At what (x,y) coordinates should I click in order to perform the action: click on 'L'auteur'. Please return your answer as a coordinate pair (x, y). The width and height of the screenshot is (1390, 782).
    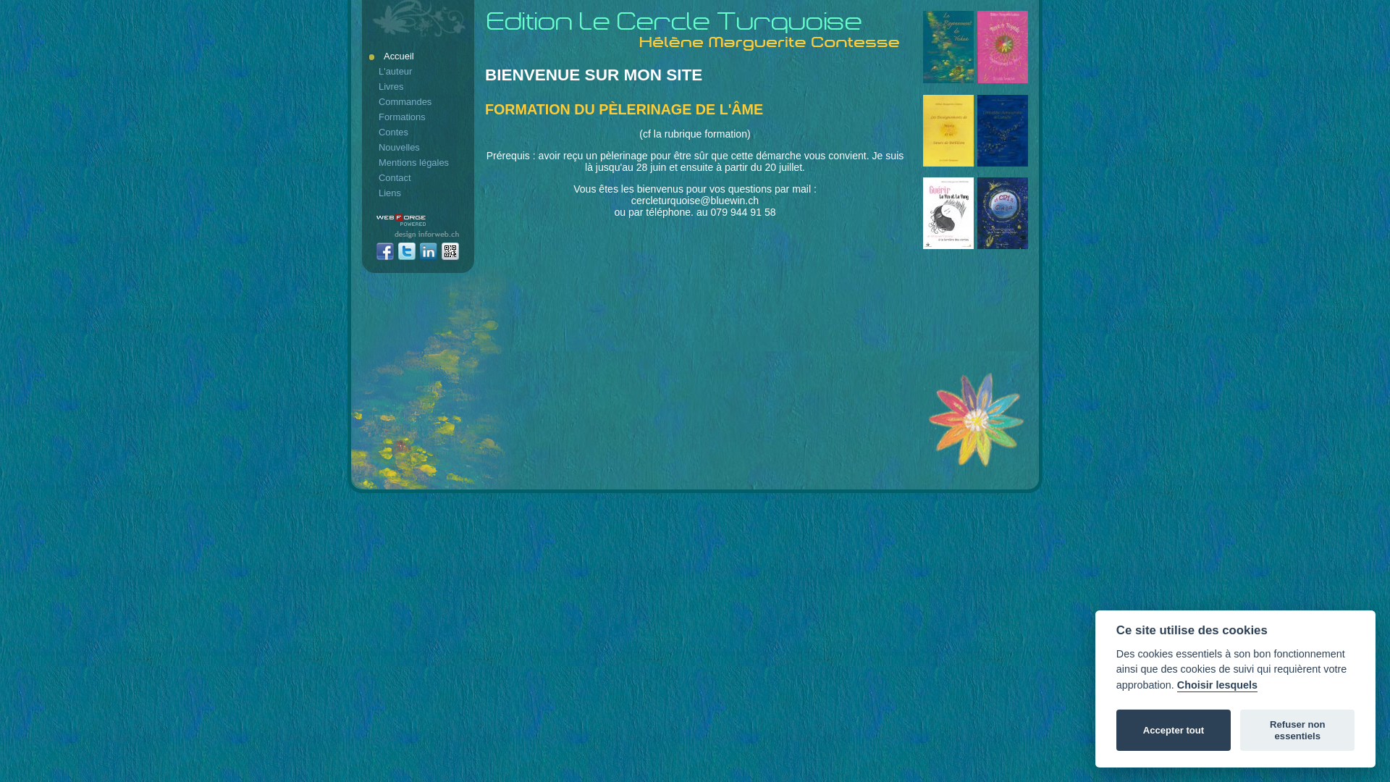
    Looking at the image, I should click on (418, 71).